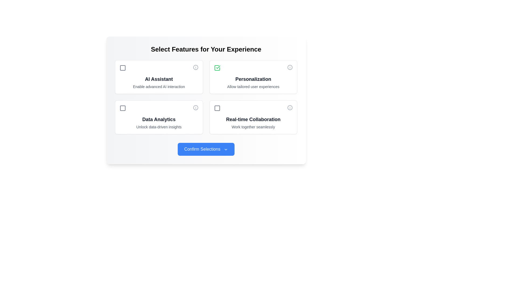 This screenshot has height=290, width=517. I want to click on the text label serving as the title for the 'Data Analytics' feature option, located in the lower-left section of the feature grid, above the text 'Unlock data-driven insights', so click(159, 119).